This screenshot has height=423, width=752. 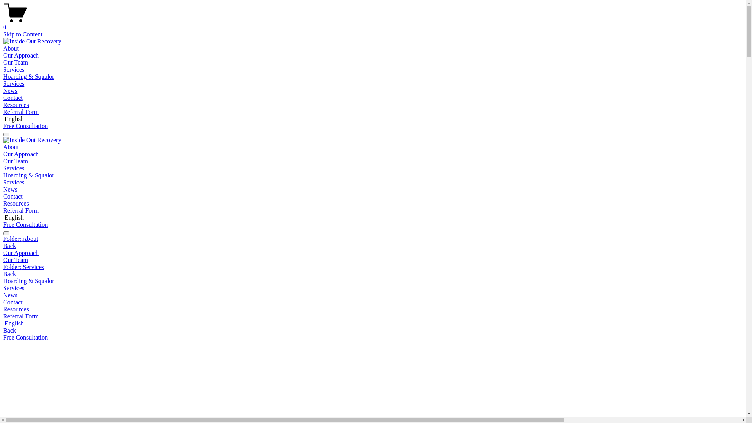 I want to click on 'Free Consultation', so click(x=25, y=125).